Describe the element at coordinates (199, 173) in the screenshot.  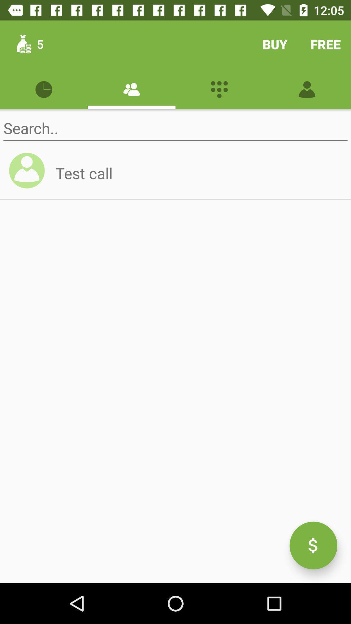
I see `test call item` at that location.